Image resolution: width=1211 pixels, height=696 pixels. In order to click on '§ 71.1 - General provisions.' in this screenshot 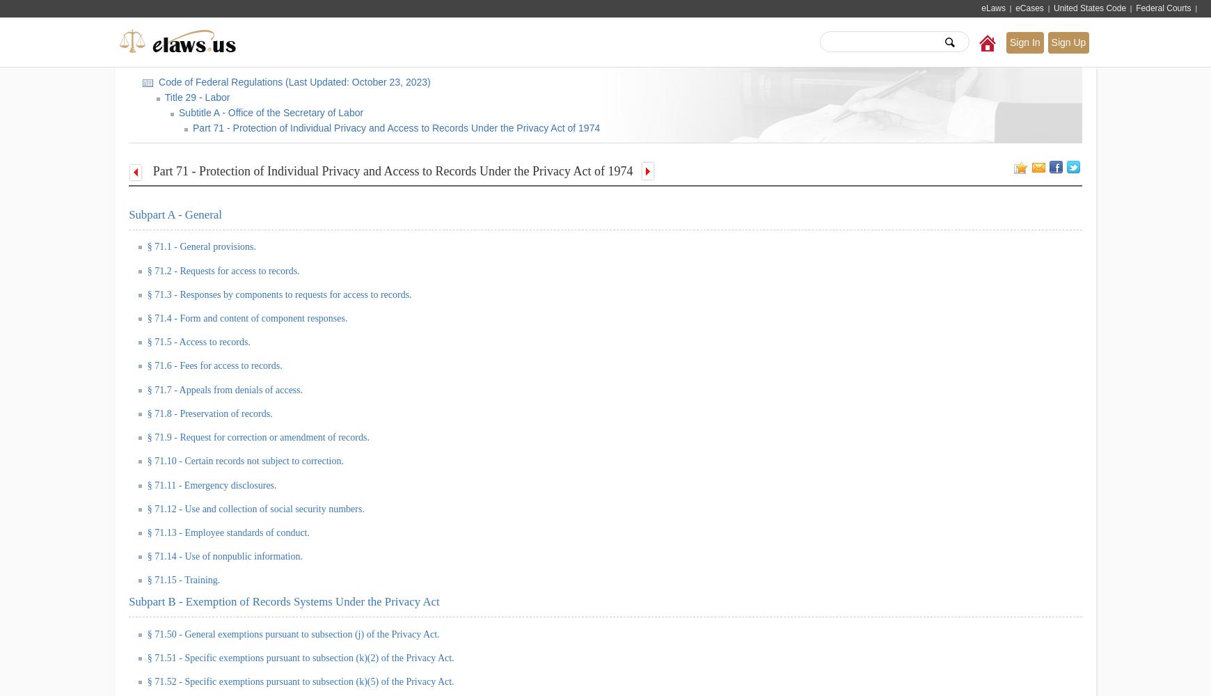, I will do `click(201, 246)`.